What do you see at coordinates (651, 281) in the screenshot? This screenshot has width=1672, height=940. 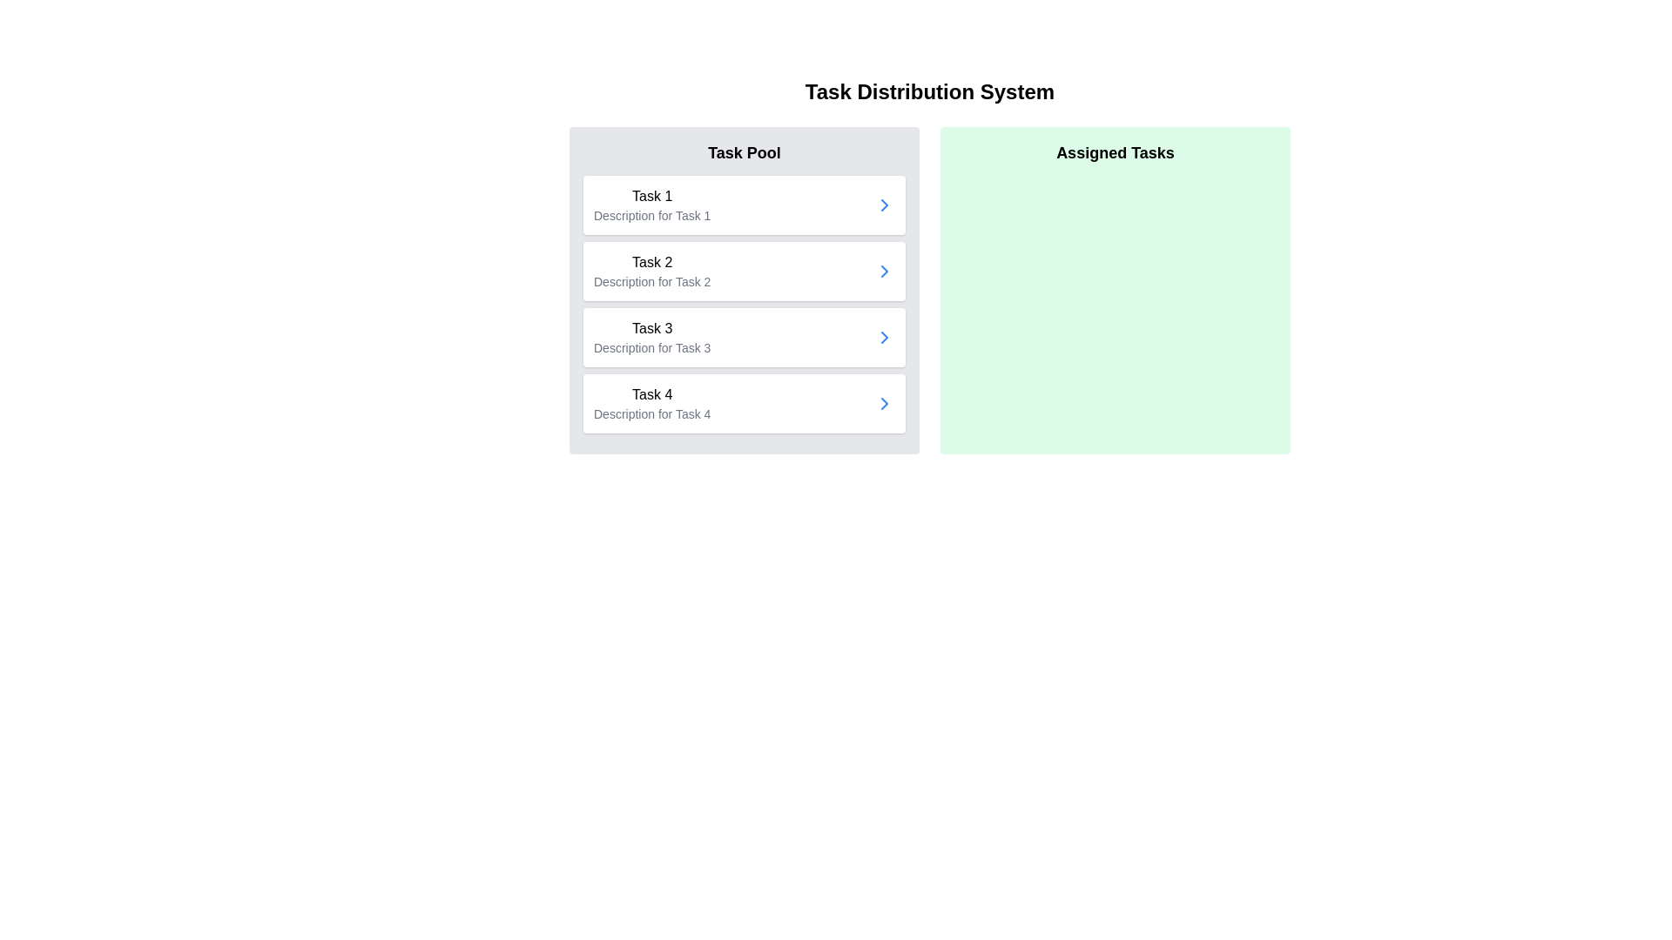 I see `the text label reading 'Description for Task 2'` at bounding box center [651, 281].